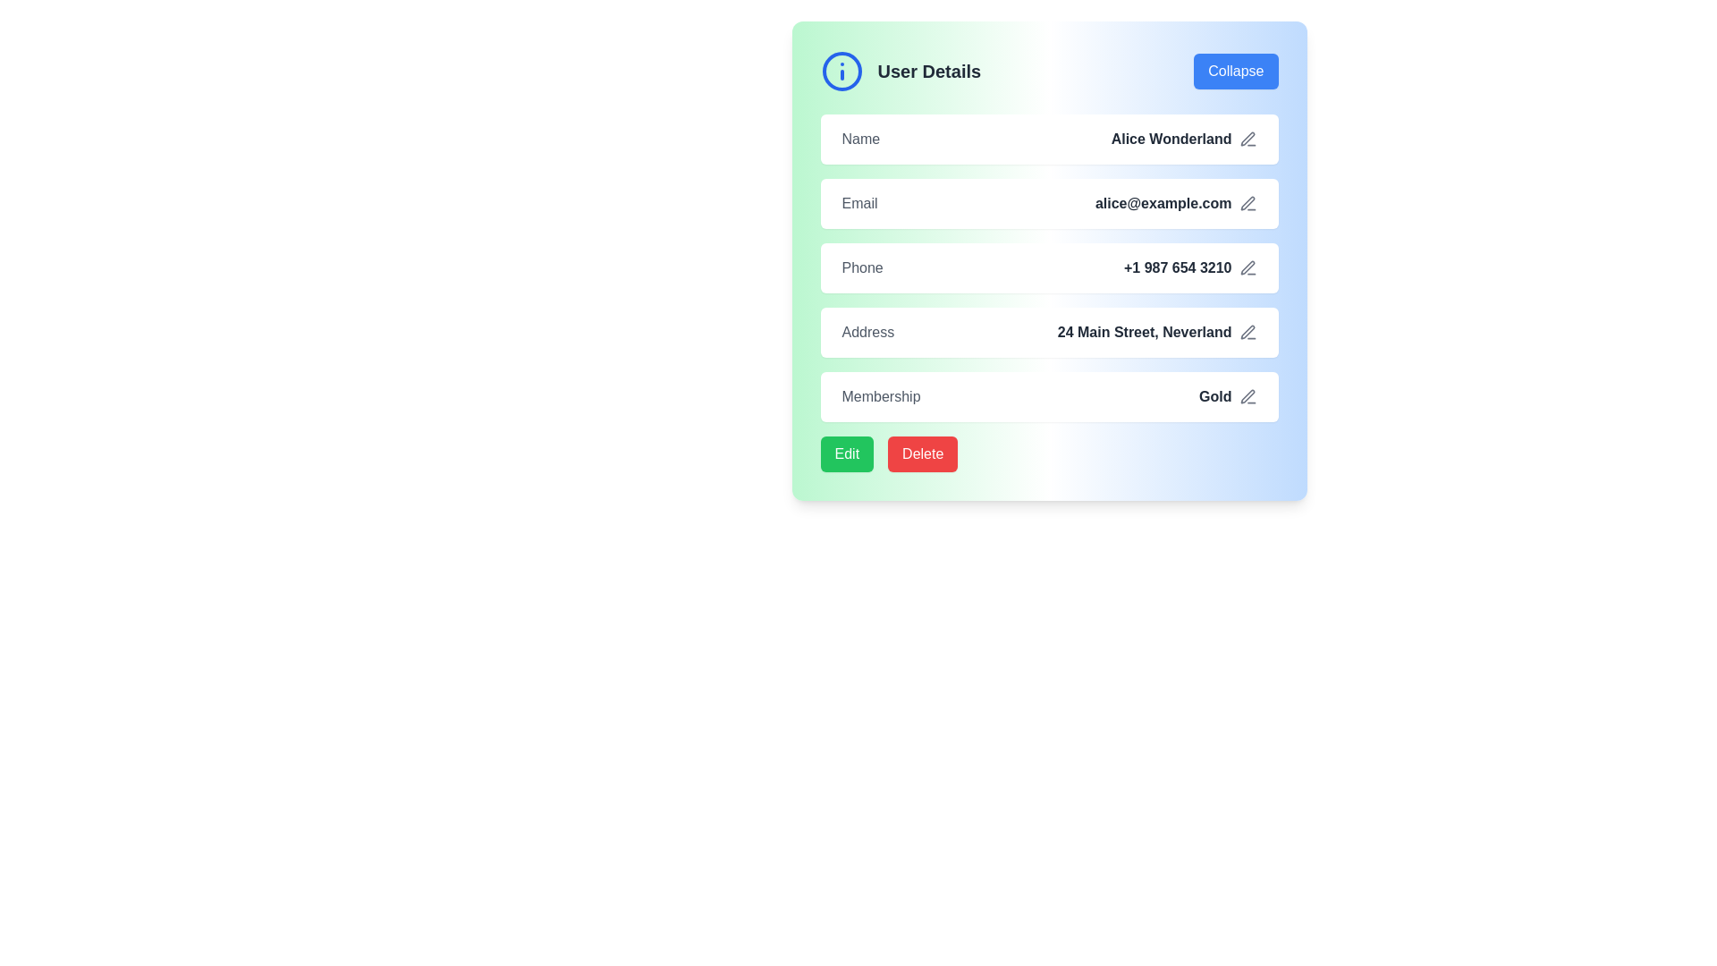 The width and height of the screenshot is (1717, 966). I want to click on the 'Gold' membership level text label with pen icon located in the 'Membership' section of the user details card, so click(1227, 395).